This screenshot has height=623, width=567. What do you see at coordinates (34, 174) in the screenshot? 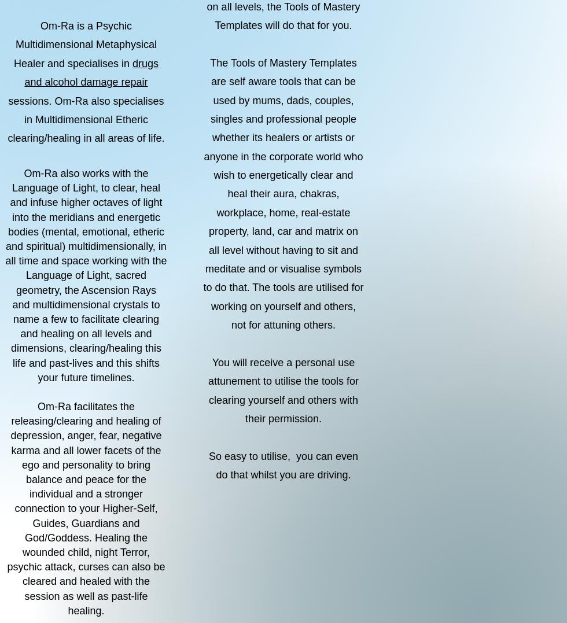
I see `'Om-'` at bounding box center [34, 174].